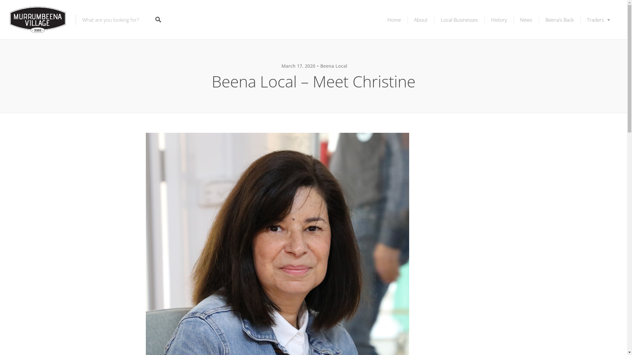 The image size is (632, 355). What do you see at coordinates (599, 19) in the screenshot?
I see `'Traders'` at bounding box center [599, 19].